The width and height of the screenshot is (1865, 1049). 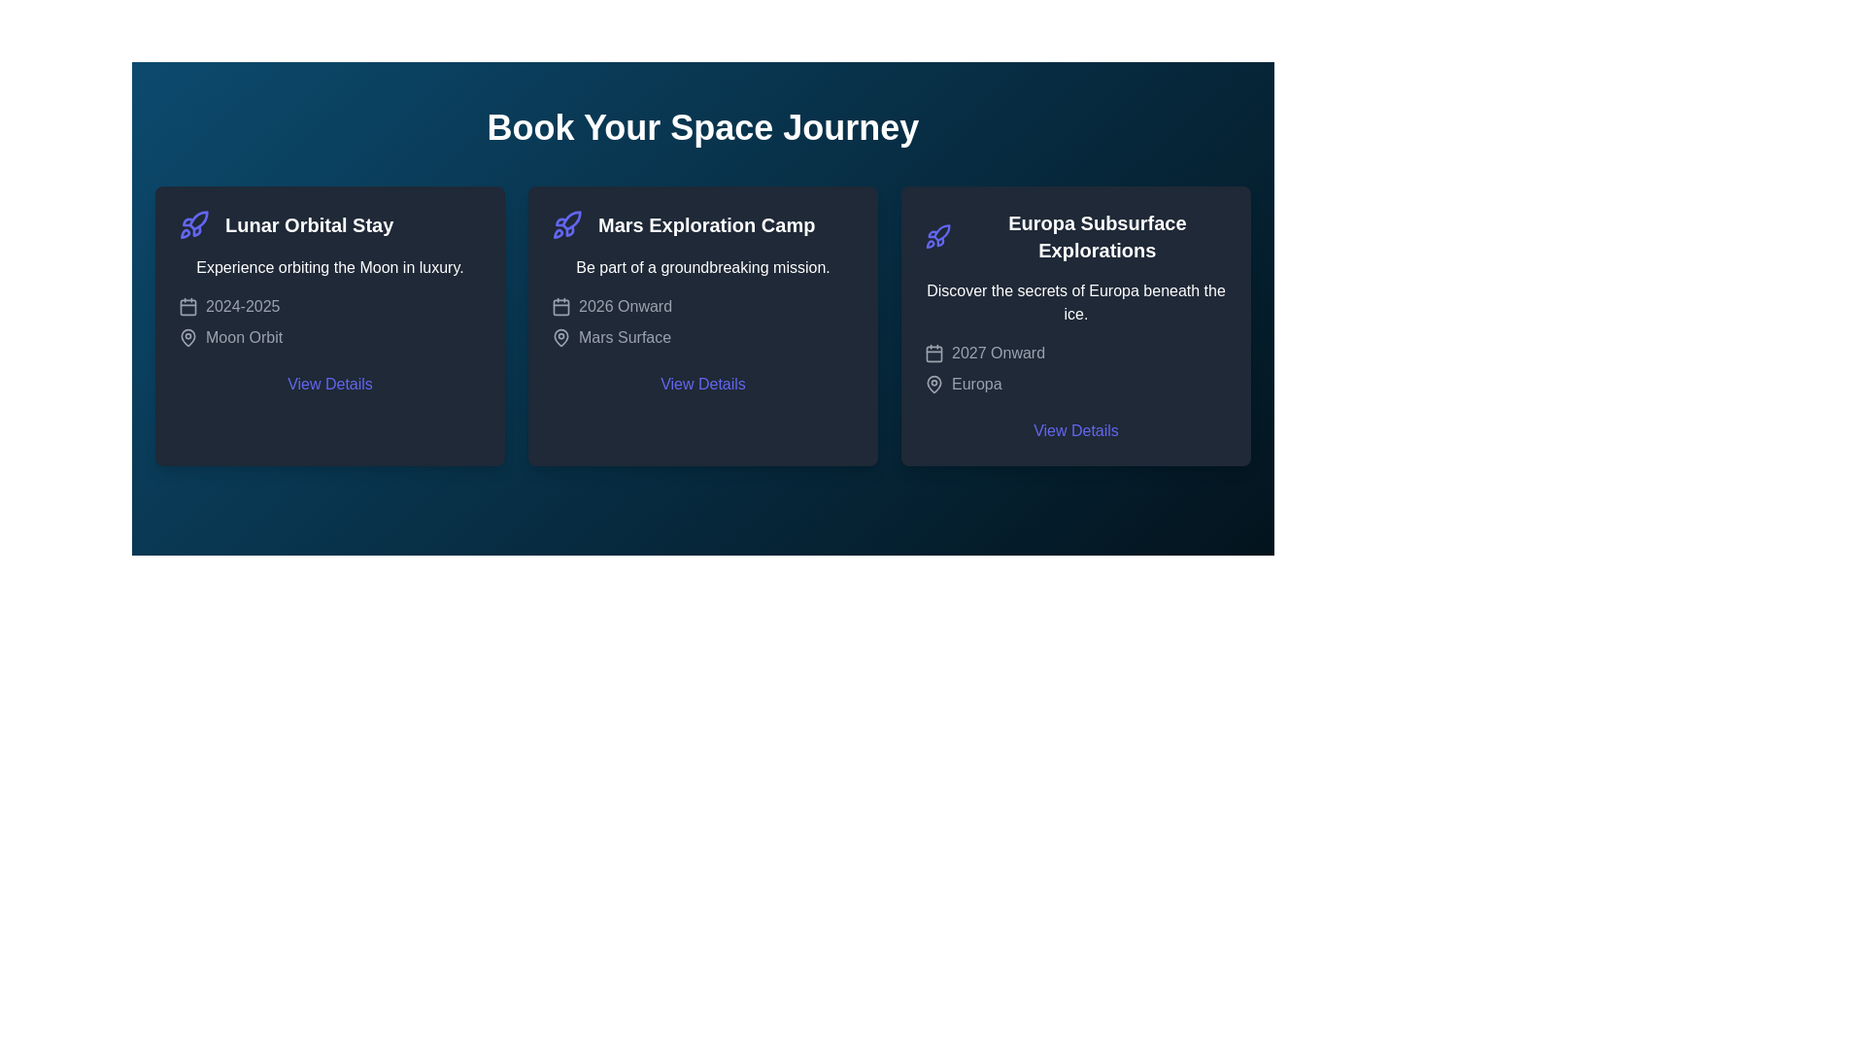 What do you see at coordinates (330, 223) in the screenshot?
I see `the label displaying 'Lunar Orbital Stay' which is styled in bold white font on a dark background, located at the top of the first card in the grid of space journeys` at bounding box center [330, 223].